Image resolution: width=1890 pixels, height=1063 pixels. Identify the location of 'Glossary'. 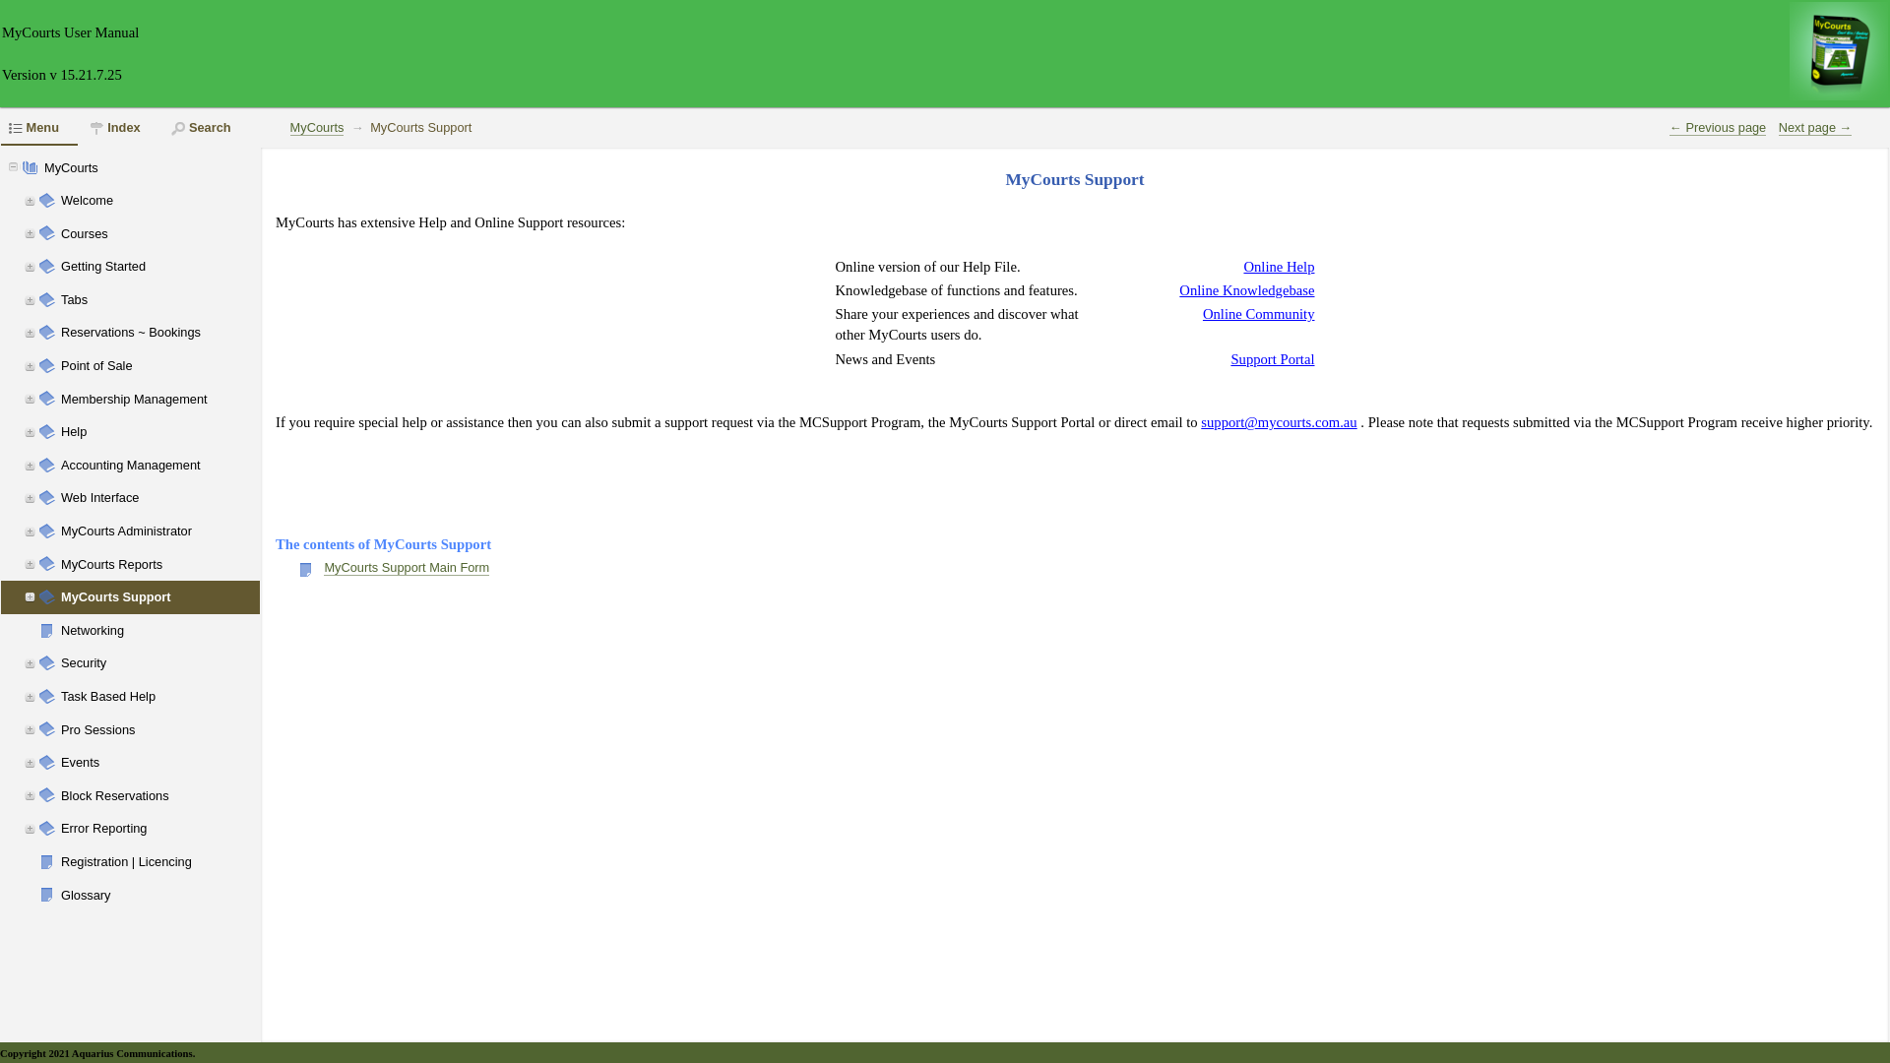
(185, 896).